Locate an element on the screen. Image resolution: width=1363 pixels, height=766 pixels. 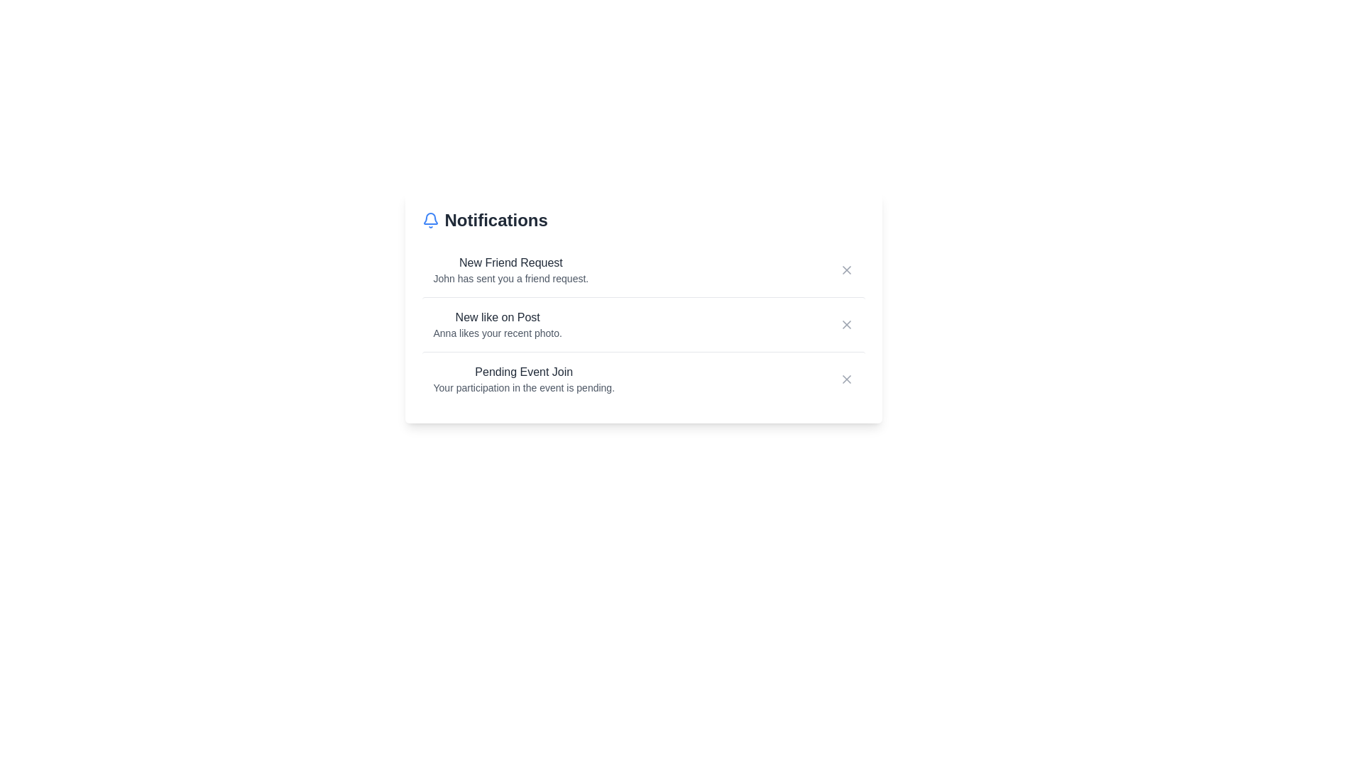
the close button for the notification titled 'Pending Event Join' is located at coordinates (846, 379).